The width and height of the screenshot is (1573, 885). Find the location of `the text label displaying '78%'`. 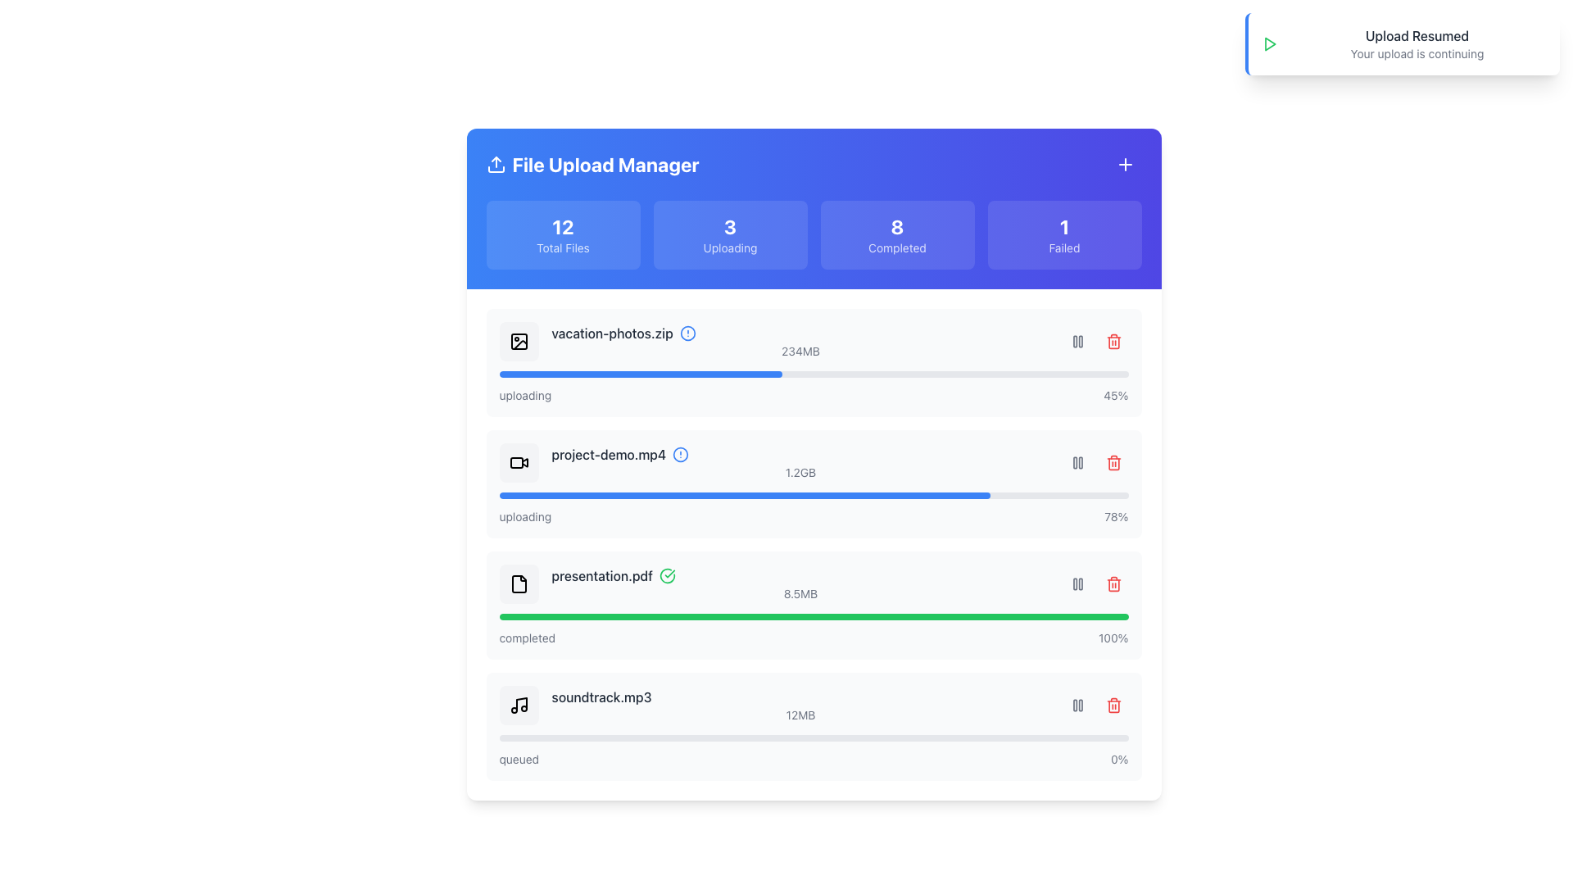

the text label displaying '78%' is located at coordinates (1115, 517).